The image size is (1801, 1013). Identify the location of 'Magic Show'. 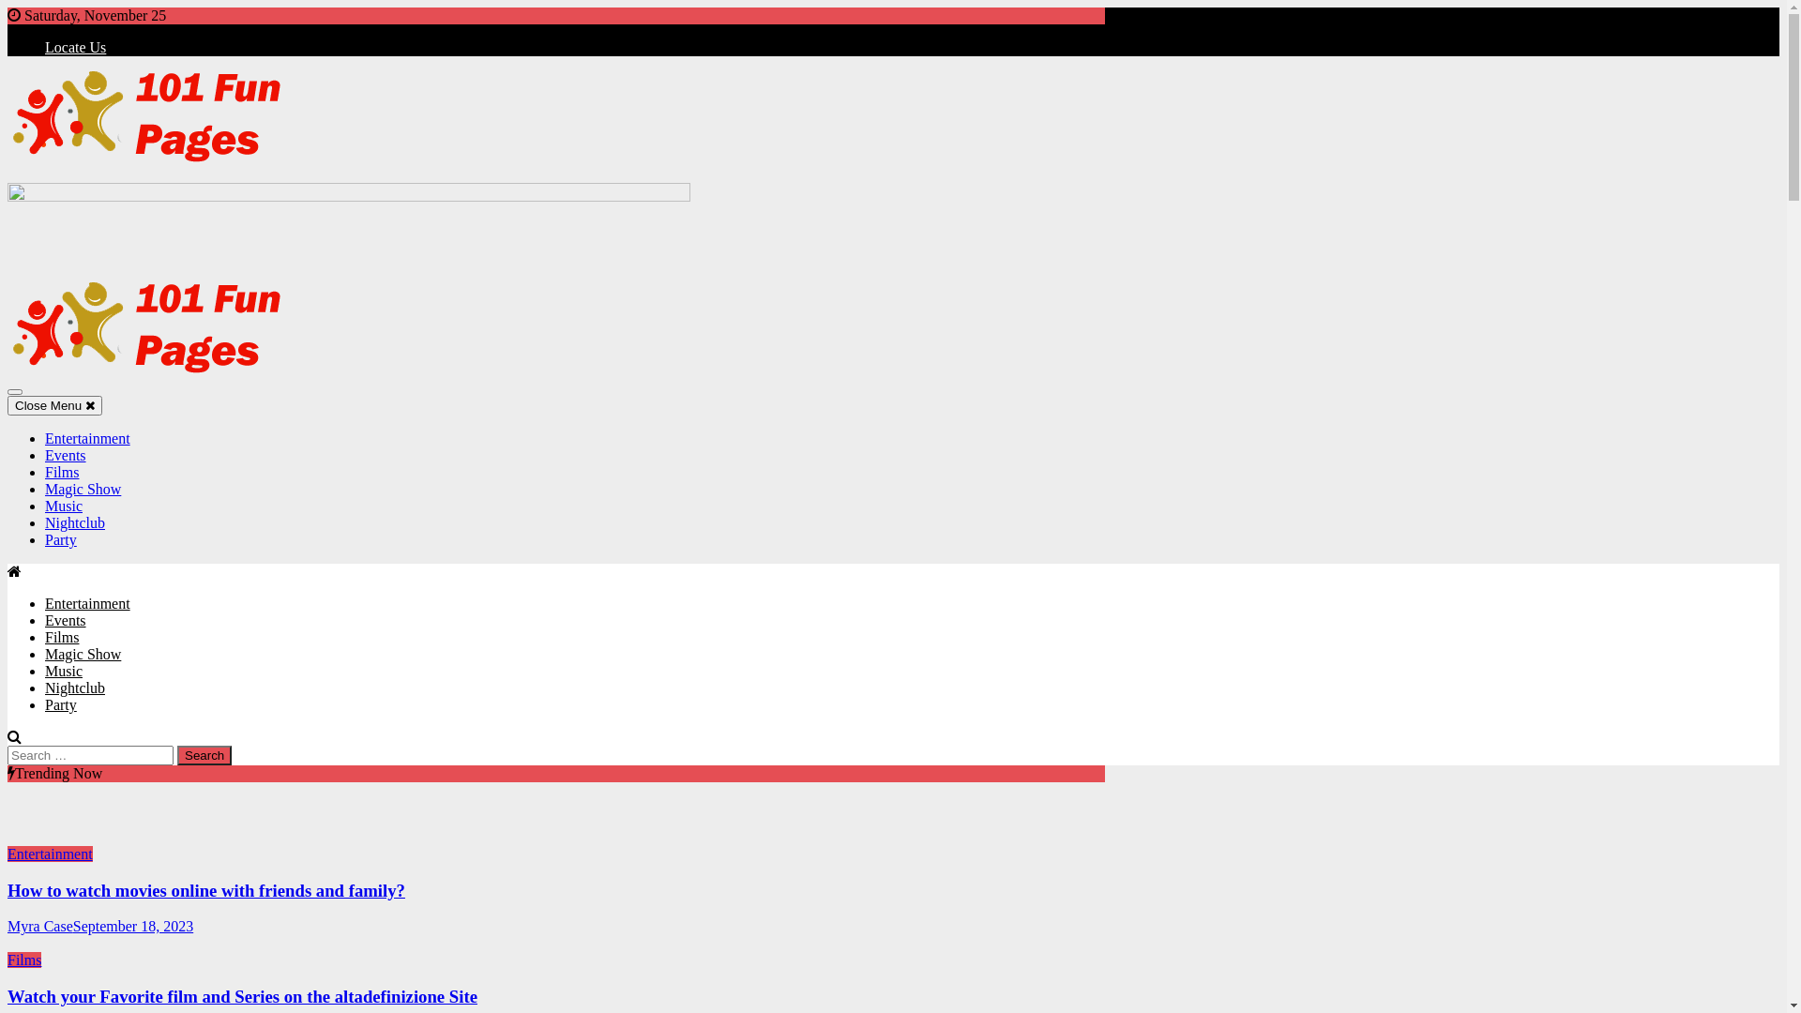
(82, 653).